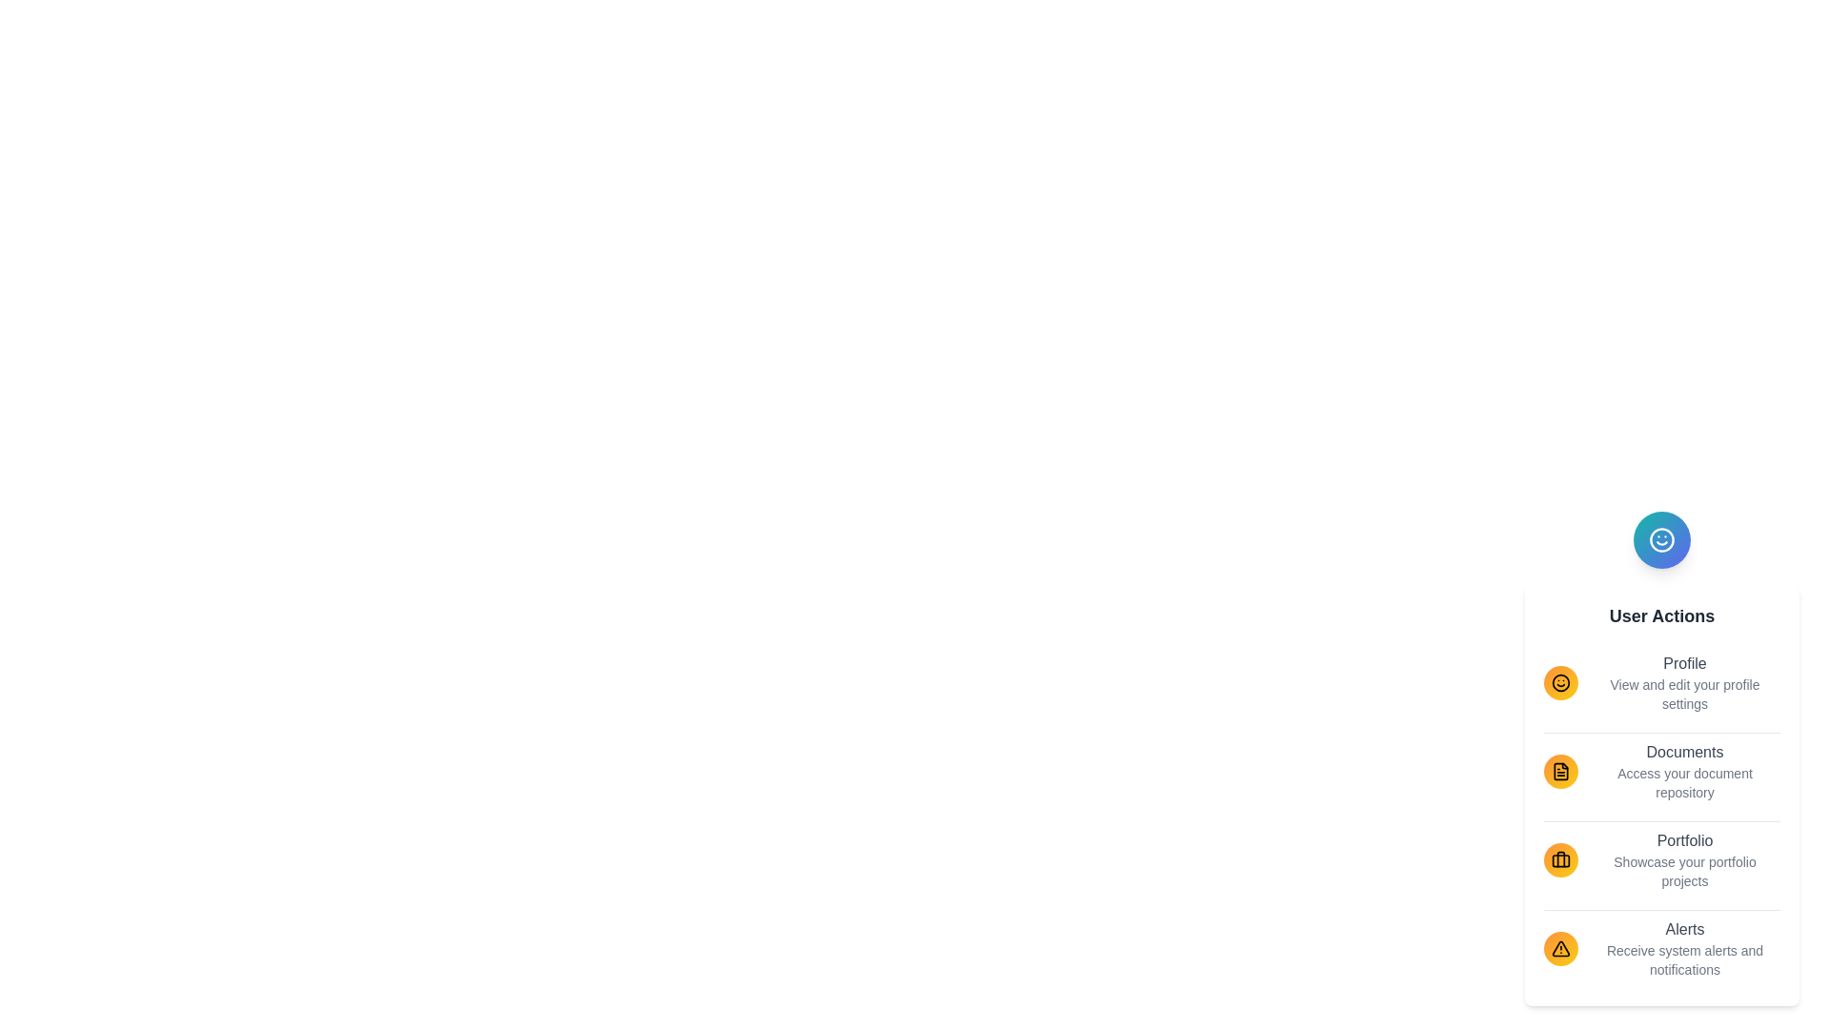  I want to click on speed dial button to toggle the menu state, so click(1660, 540).